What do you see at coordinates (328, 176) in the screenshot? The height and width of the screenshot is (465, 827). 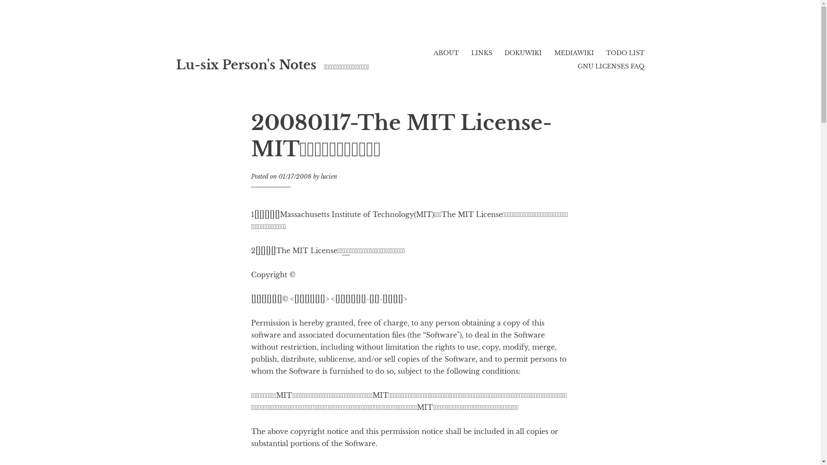 I see `'lucien'` at bounding box center [328, 176].